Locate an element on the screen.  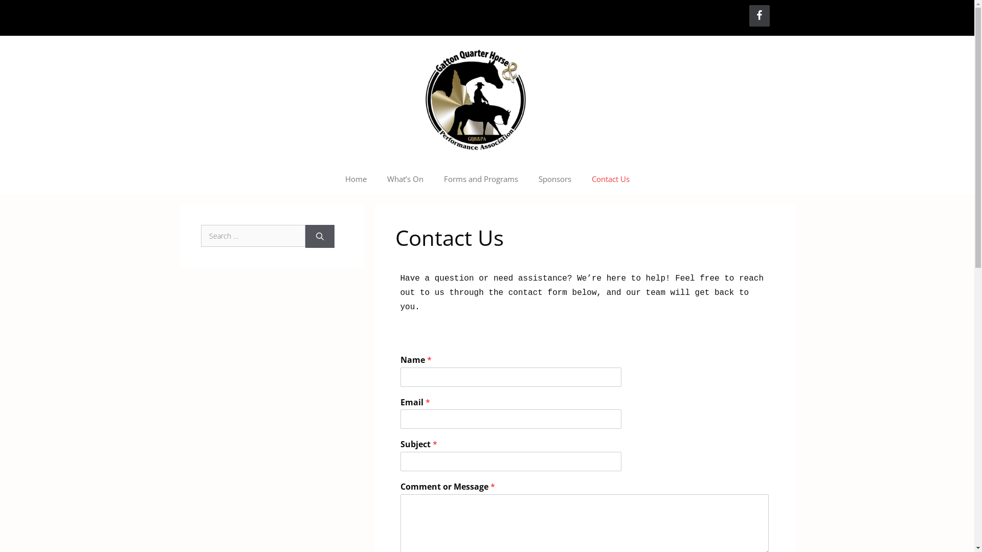
'Search for:' is located at coordinates (253, 236).